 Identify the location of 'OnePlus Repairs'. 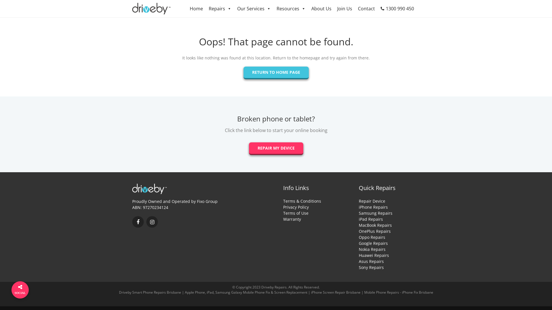
(375, 231).